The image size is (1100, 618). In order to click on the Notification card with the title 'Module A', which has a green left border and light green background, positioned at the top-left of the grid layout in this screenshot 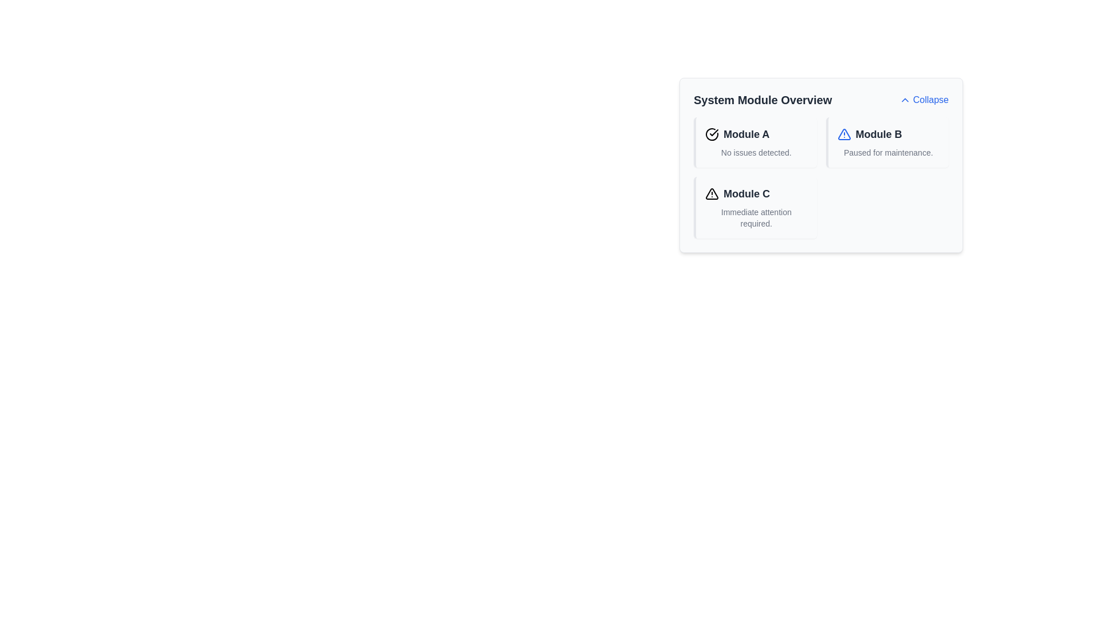, I will do `click(755, 142)`.